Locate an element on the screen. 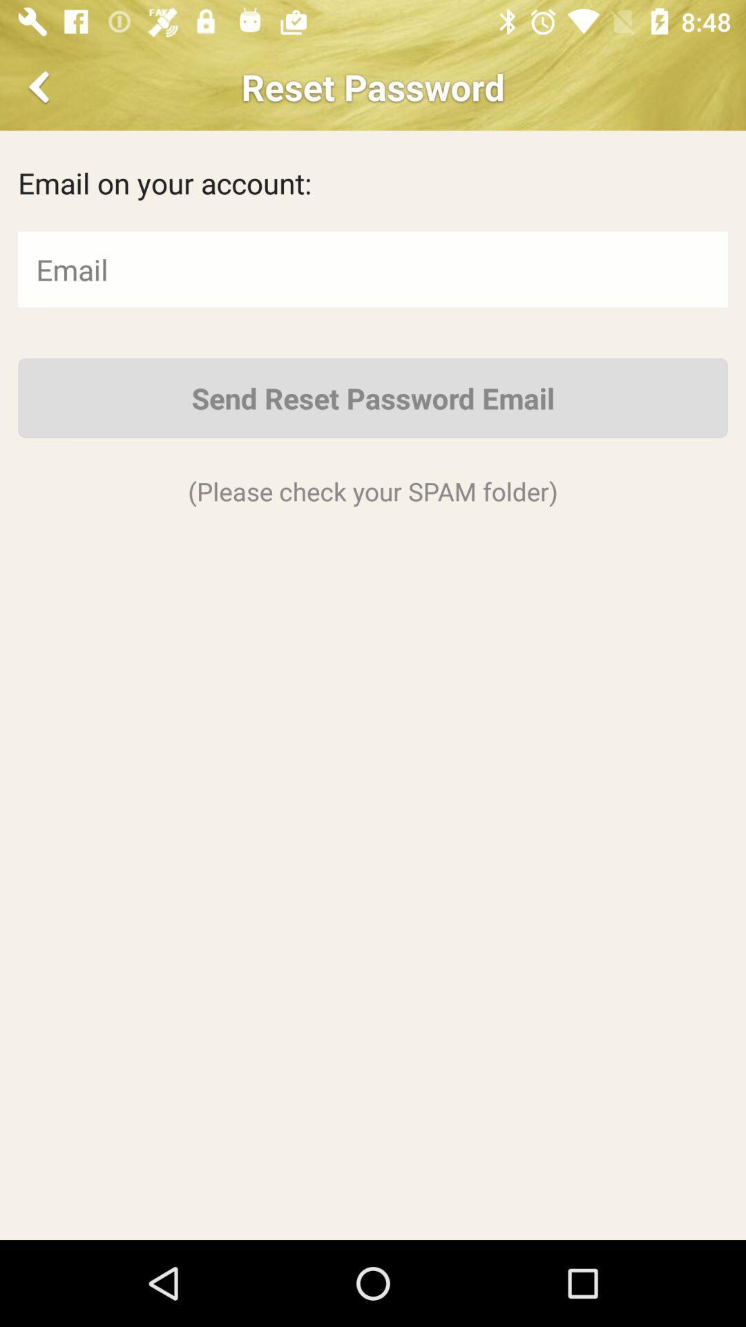  email is located at coordinates (373, 269).